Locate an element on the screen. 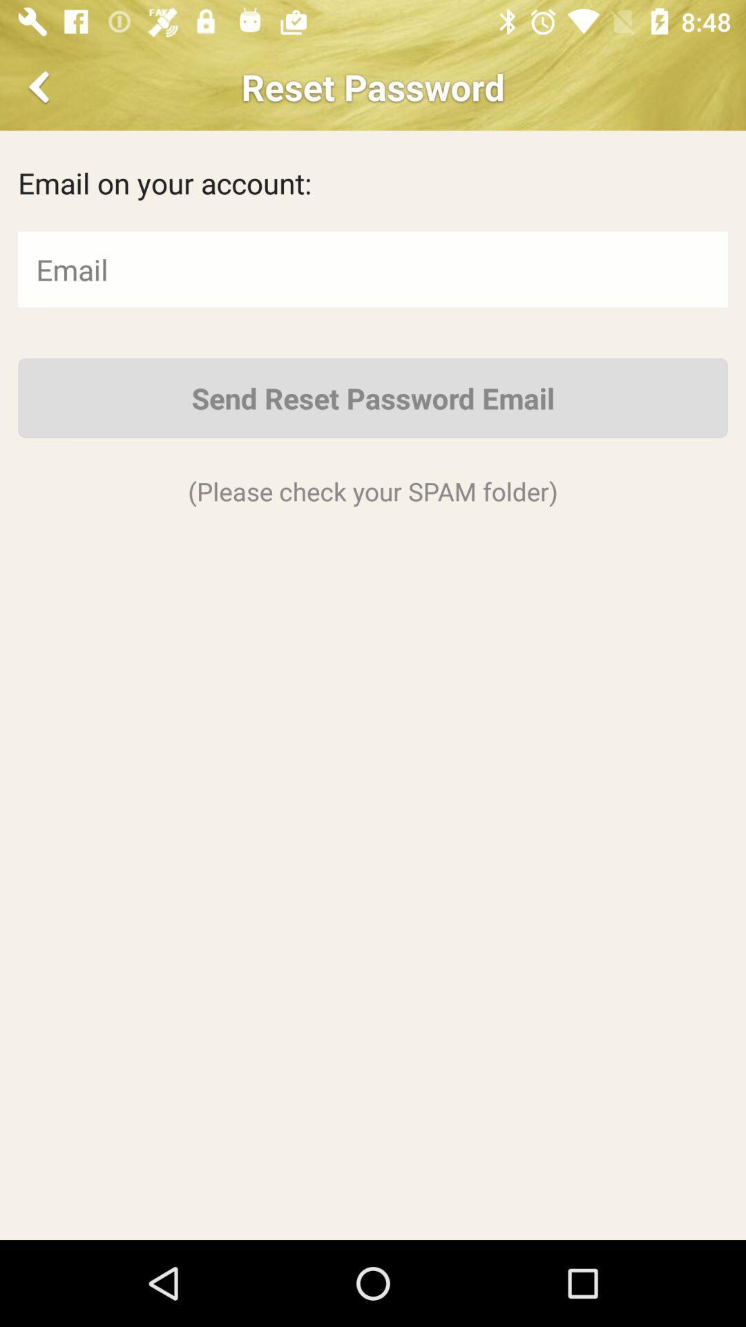  email is located at coordinates (373, 269).